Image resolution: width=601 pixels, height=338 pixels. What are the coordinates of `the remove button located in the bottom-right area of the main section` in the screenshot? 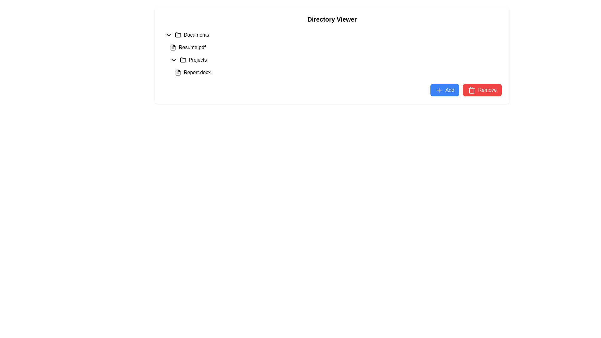 It's located at (482, 90).